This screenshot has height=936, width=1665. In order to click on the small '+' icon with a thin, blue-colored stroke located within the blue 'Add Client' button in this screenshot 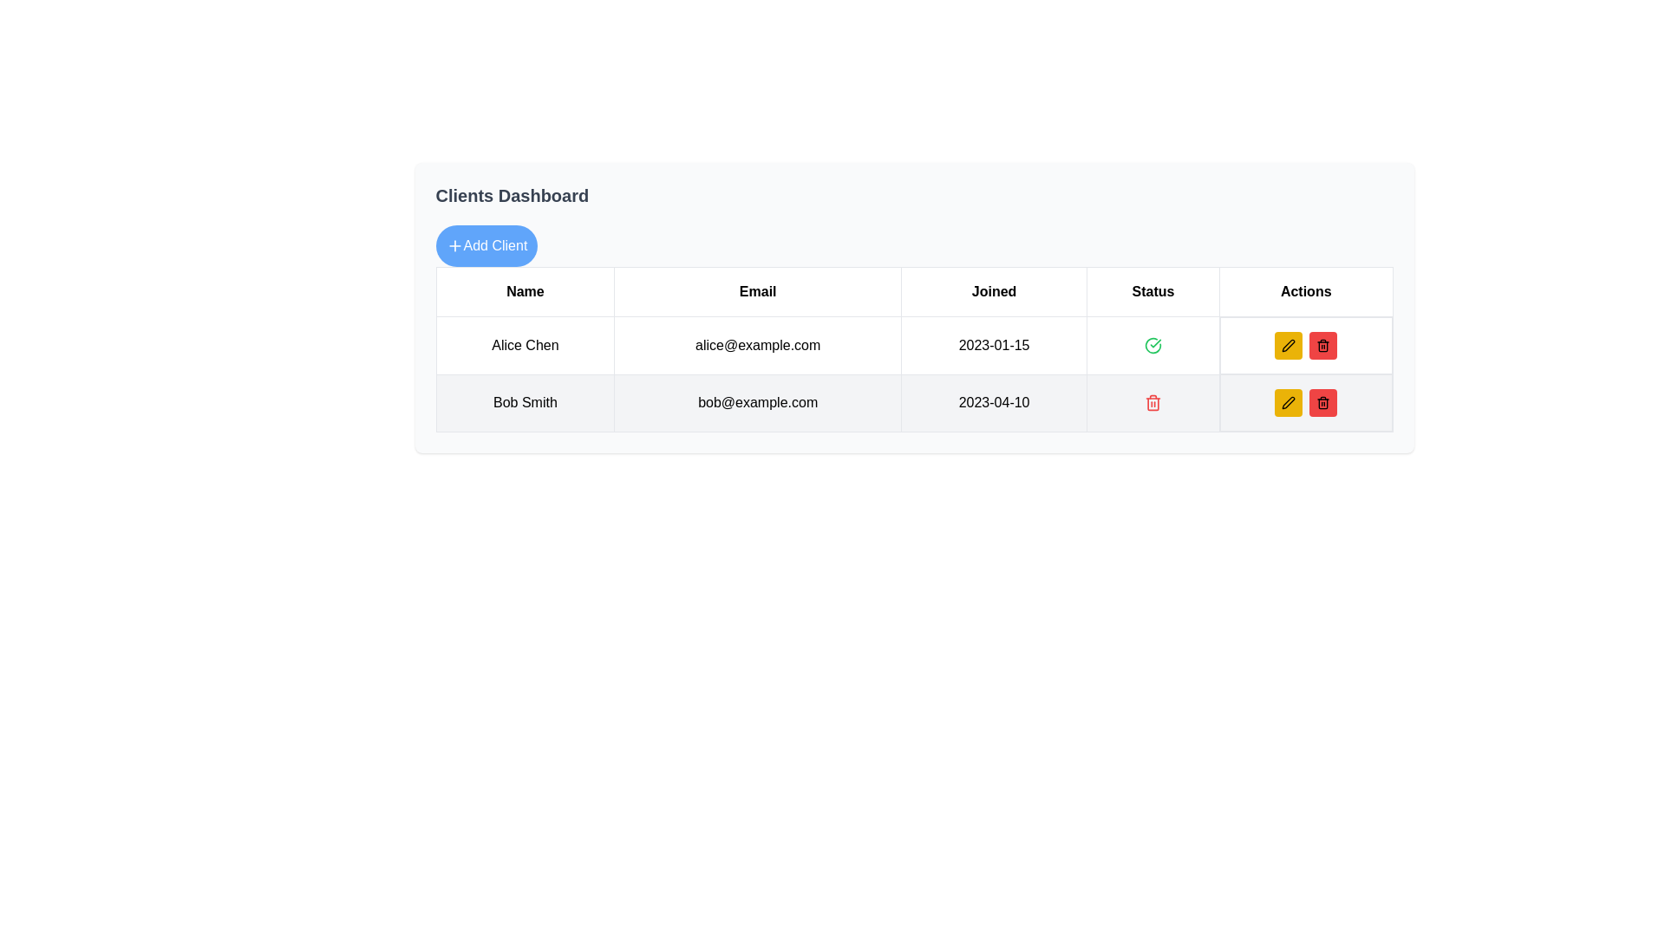, I will do `click(454, 246)`.